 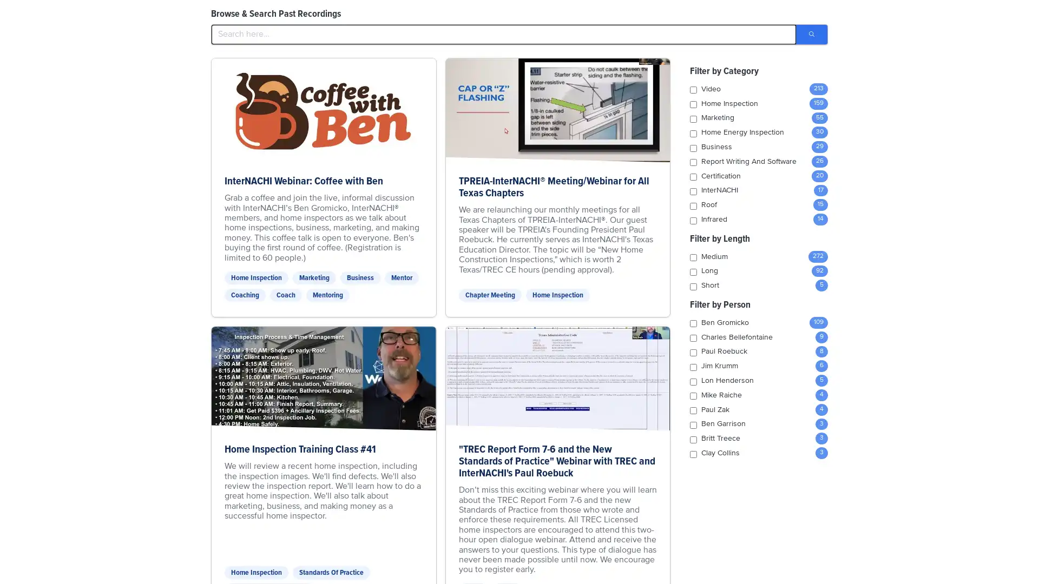 I want to click on Submit your search query., so click(x=811, y=34).